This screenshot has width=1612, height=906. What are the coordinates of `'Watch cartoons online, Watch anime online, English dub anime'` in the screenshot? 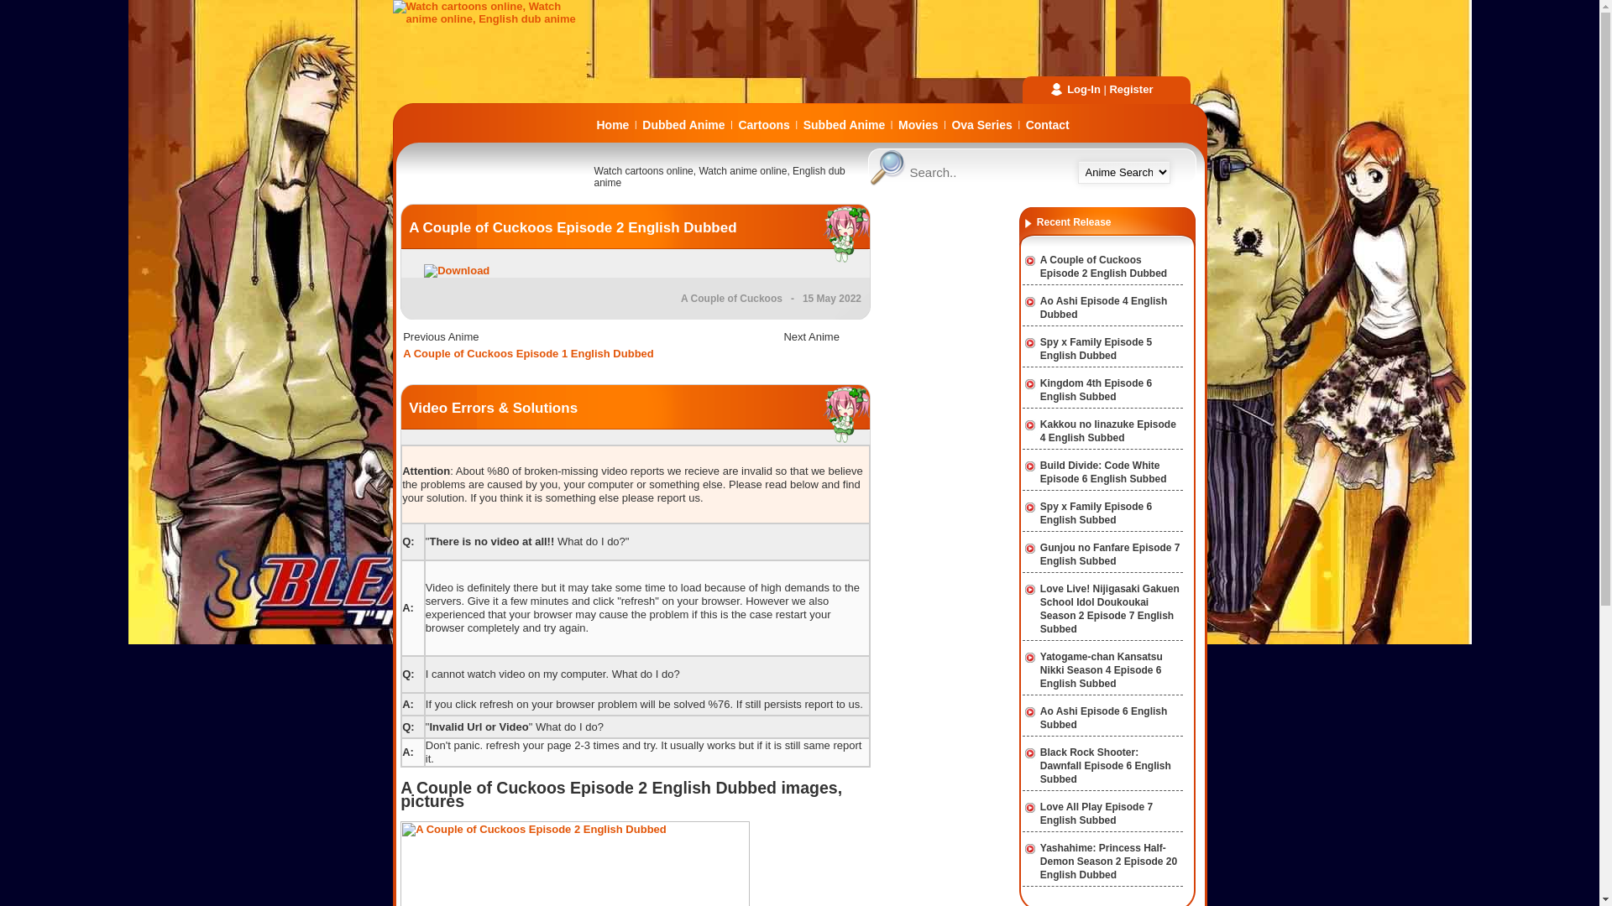 It's located at (493, 18).